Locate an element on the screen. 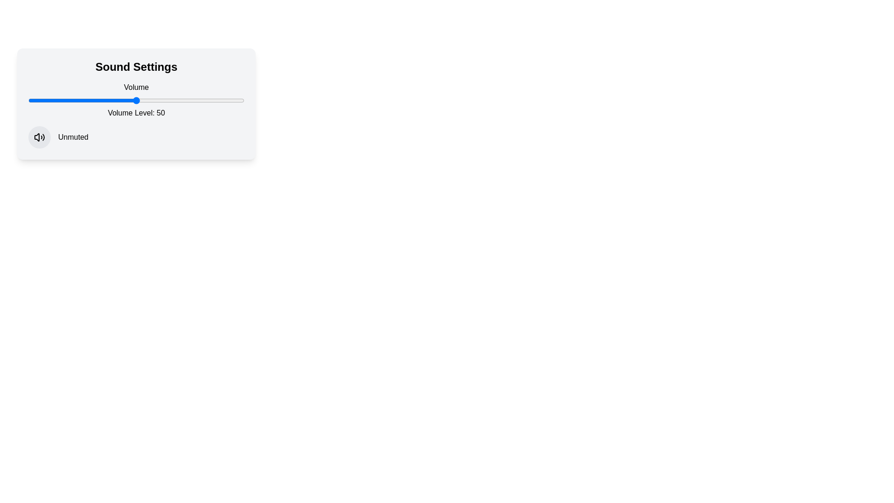  the volume is located at coordinates (121, 101).